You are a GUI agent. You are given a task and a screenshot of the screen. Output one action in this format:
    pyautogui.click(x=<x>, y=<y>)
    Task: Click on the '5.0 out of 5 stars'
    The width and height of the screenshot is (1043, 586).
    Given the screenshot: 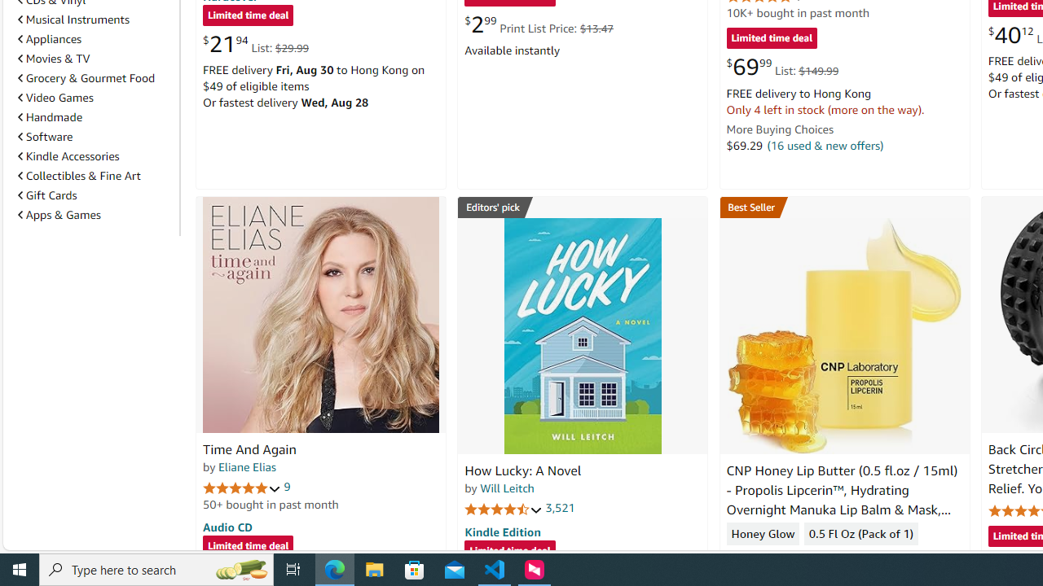 What is the action you would take?
    pyautogui.click(x=241, y=487)
    